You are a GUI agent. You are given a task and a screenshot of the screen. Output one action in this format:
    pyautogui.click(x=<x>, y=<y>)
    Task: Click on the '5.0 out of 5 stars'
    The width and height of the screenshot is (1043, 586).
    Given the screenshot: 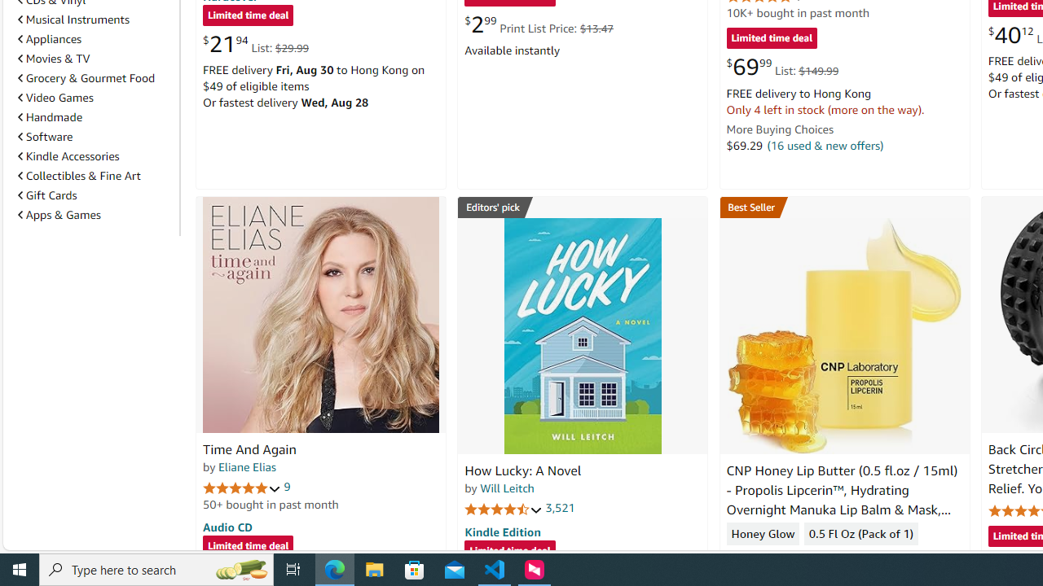 What is the action you would take?
    pyautogui.click(x=241, y=487)
    